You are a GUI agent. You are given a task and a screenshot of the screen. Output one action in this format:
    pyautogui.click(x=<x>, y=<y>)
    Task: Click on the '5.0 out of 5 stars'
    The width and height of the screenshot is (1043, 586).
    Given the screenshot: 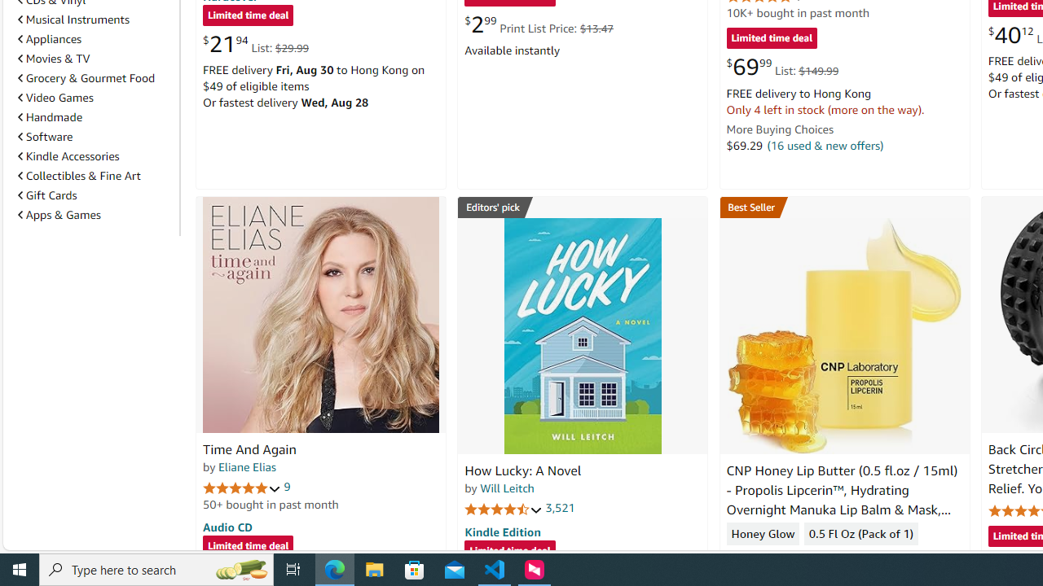 What is the action you would take?
    pyautogui.click(x=241, y=487)
    